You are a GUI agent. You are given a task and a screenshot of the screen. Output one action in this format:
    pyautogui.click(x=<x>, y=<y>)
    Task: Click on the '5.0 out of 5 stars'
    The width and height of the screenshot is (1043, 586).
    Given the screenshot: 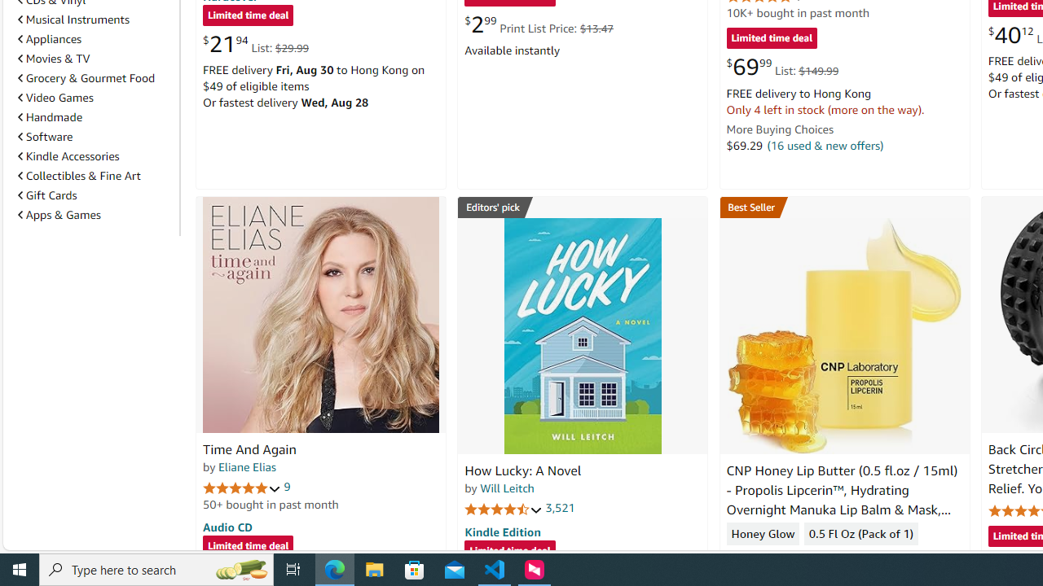 What is the action you would take?
    pyautogui.click(x=241, y=487)
    